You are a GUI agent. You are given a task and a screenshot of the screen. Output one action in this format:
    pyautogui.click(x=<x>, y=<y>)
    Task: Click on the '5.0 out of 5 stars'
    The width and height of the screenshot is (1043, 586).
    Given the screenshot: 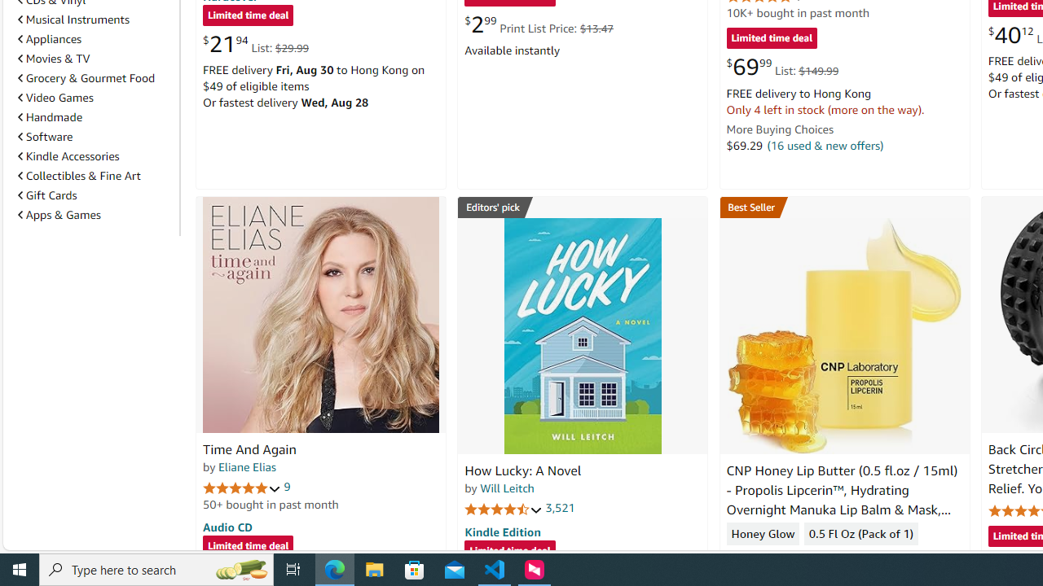 What is the action you would take?
    pyautogui.click(x=241, y=487)
    